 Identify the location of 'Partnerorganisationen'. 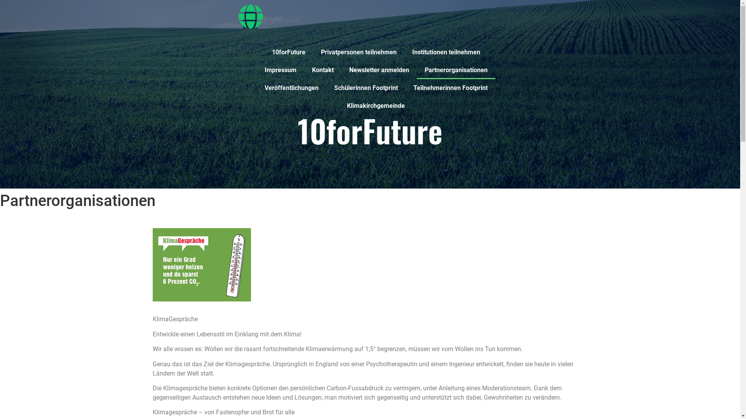
(455, 70).